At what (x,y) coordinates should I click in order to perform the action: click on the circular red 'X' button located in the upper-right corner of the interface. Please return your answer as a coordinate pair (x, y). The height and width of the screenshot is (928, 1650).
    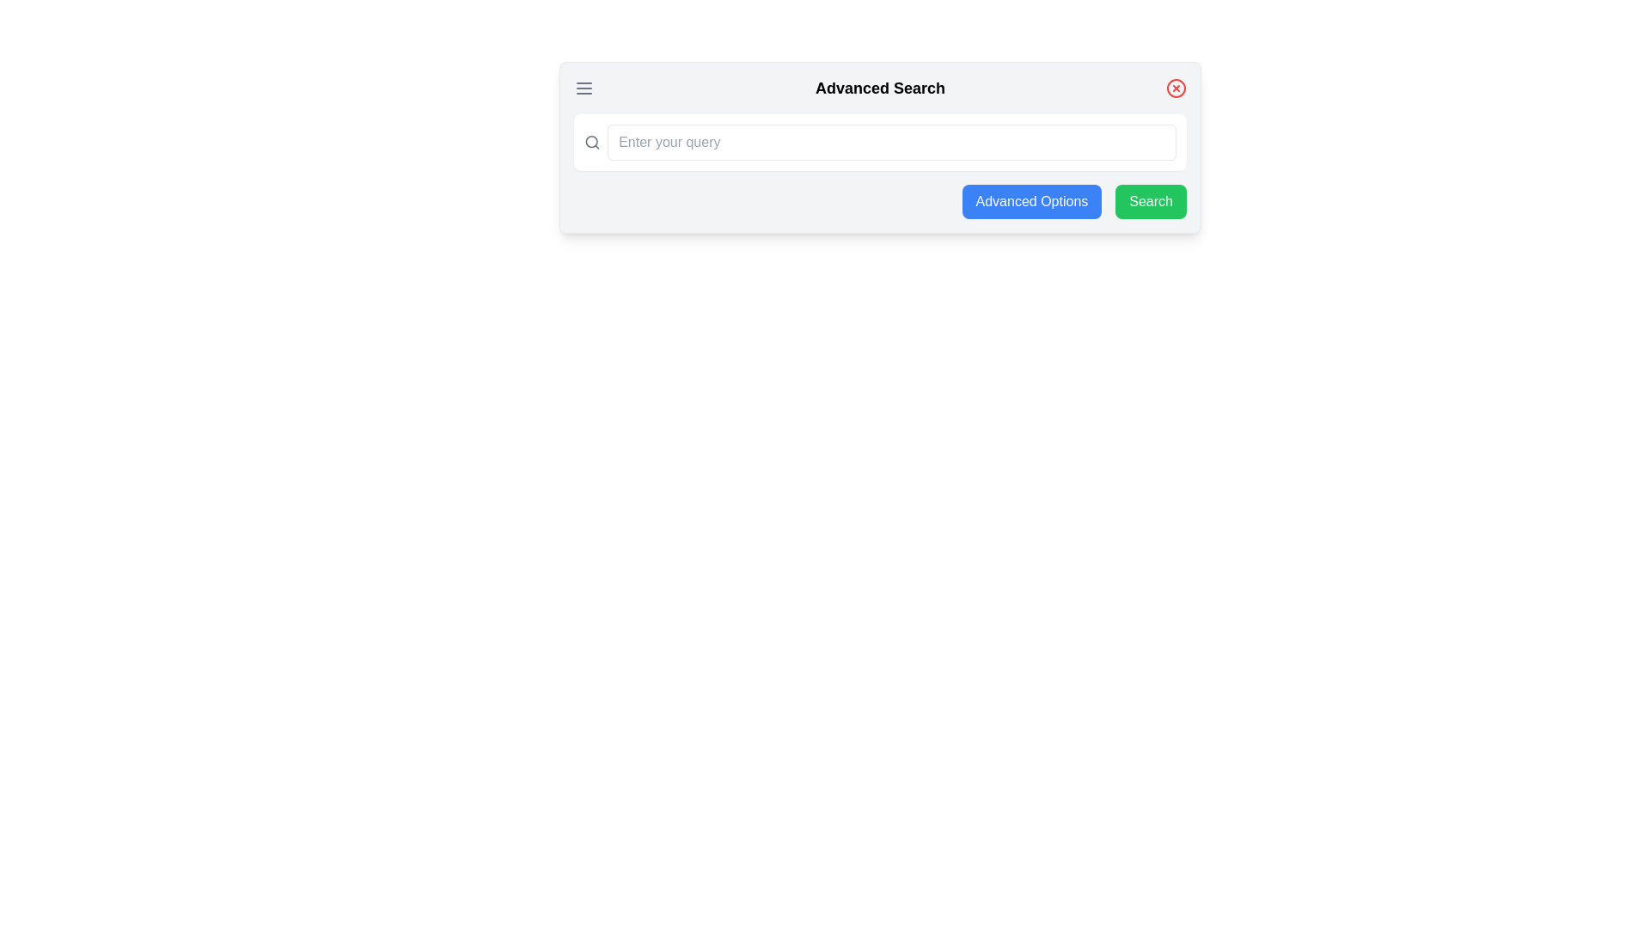
    Looking at the image, I should click on (1175, 89).